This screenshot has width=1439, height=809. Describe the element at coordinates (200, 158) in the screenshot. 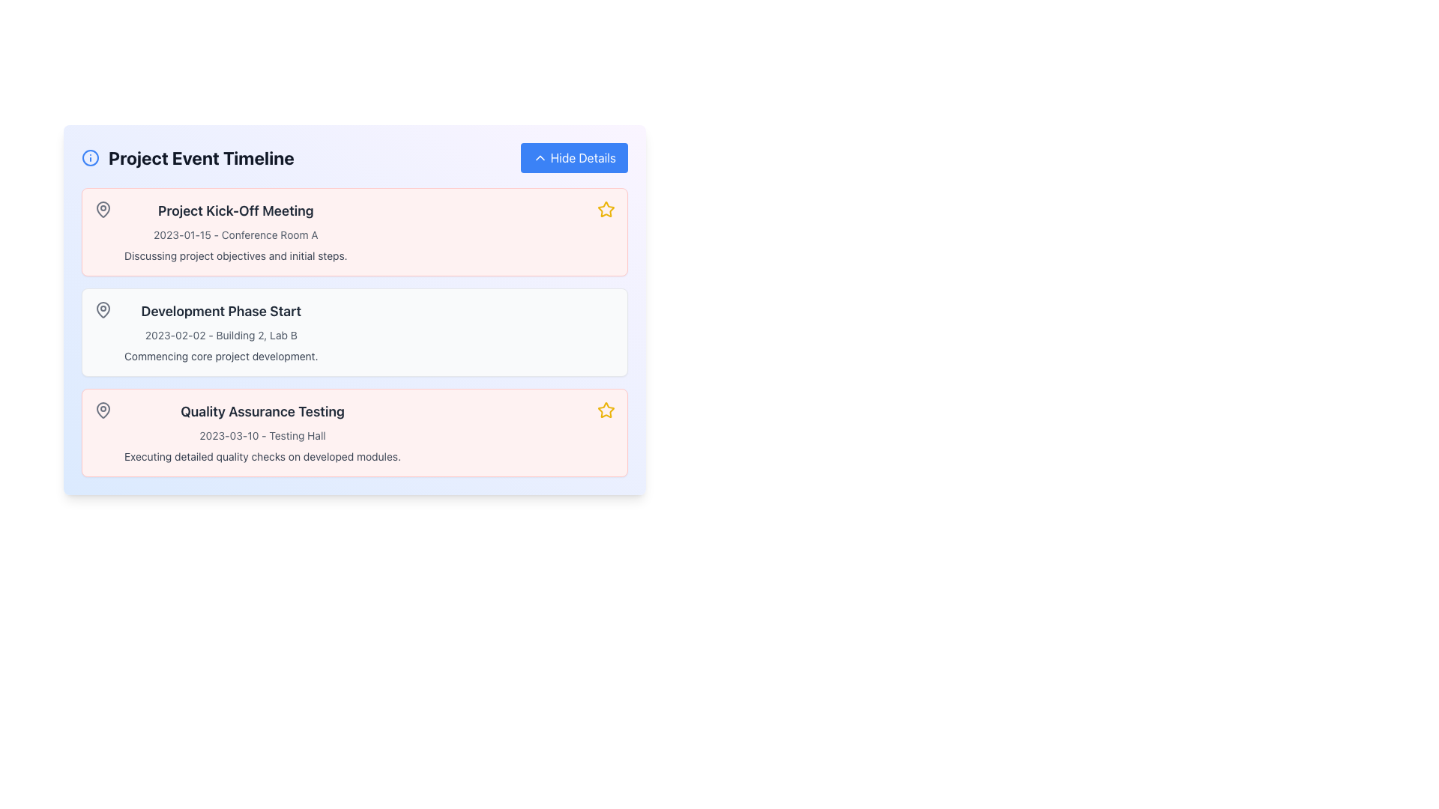

I see `the text label that serves as a header or title for the section, located centrally at the top of the interface, between a blue icon on the left and a blue button on the right` at that location.